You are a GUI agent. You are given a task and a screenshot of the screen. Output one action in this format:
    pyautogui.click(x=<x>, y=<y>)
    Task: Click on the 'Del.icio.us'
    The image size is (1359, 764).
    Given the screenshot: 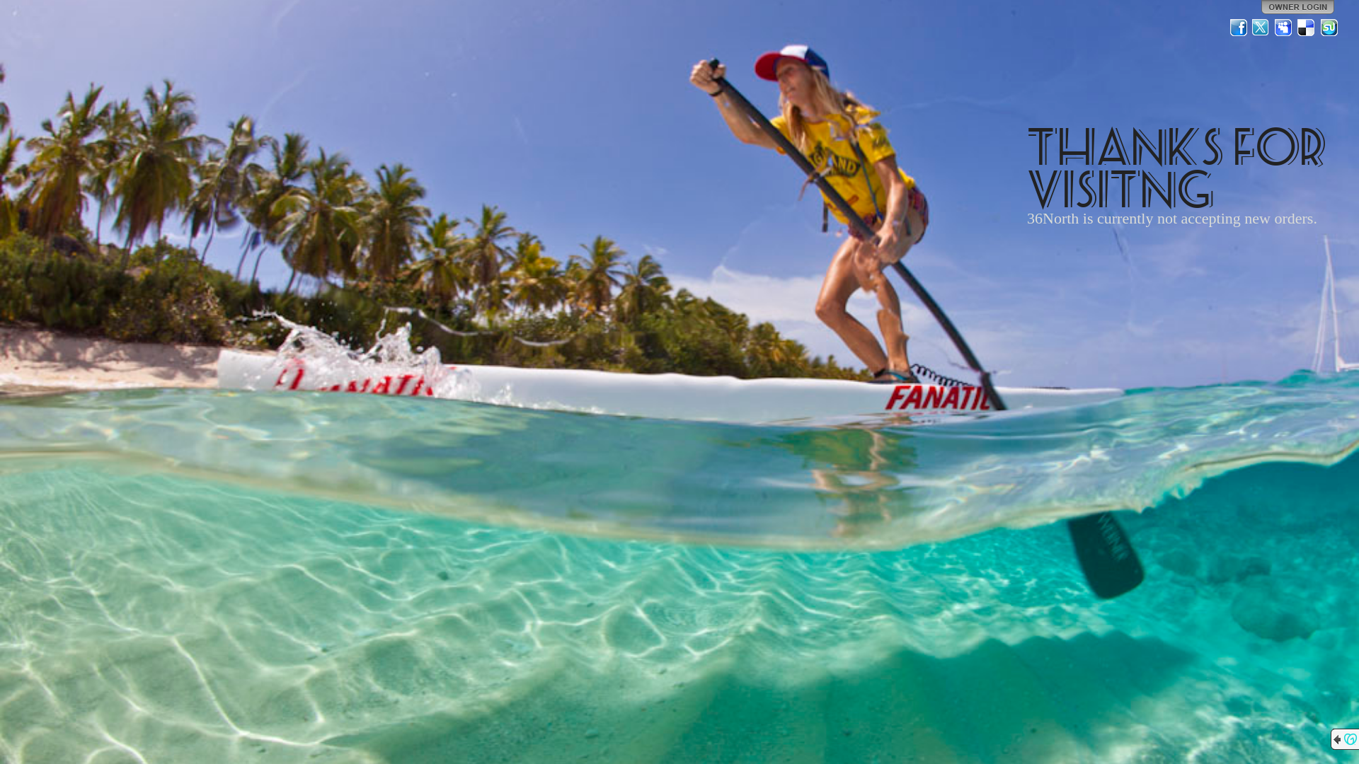 What is the action you would take?
    pyautogui.click(x=1297, y=27)
    